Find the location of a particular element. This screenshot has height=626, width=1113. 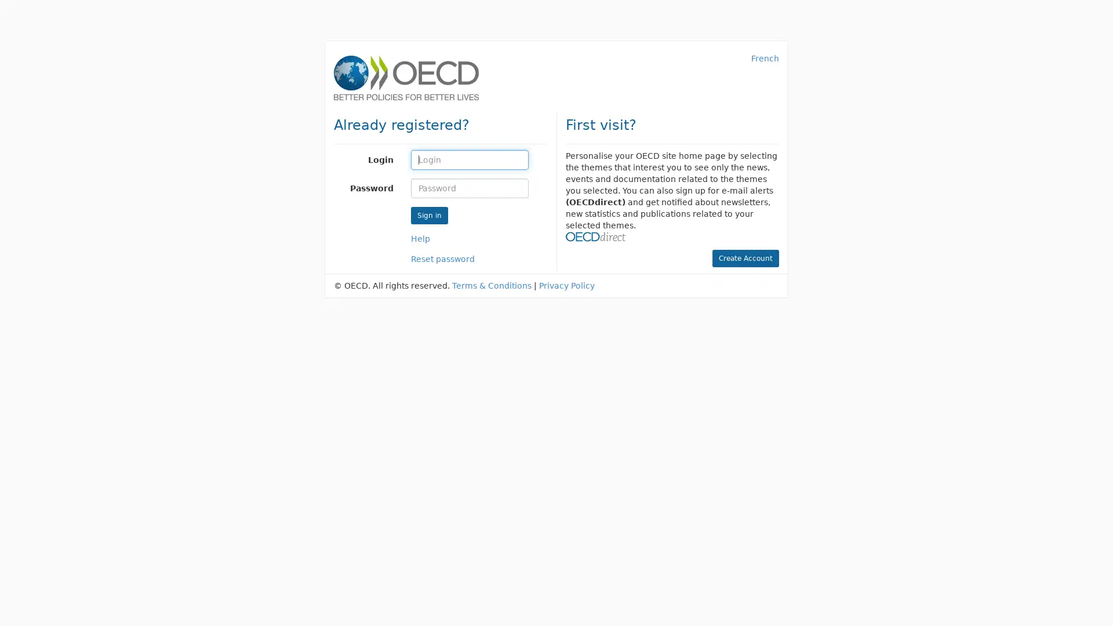

Sign in is located at coordinates (428, 215).